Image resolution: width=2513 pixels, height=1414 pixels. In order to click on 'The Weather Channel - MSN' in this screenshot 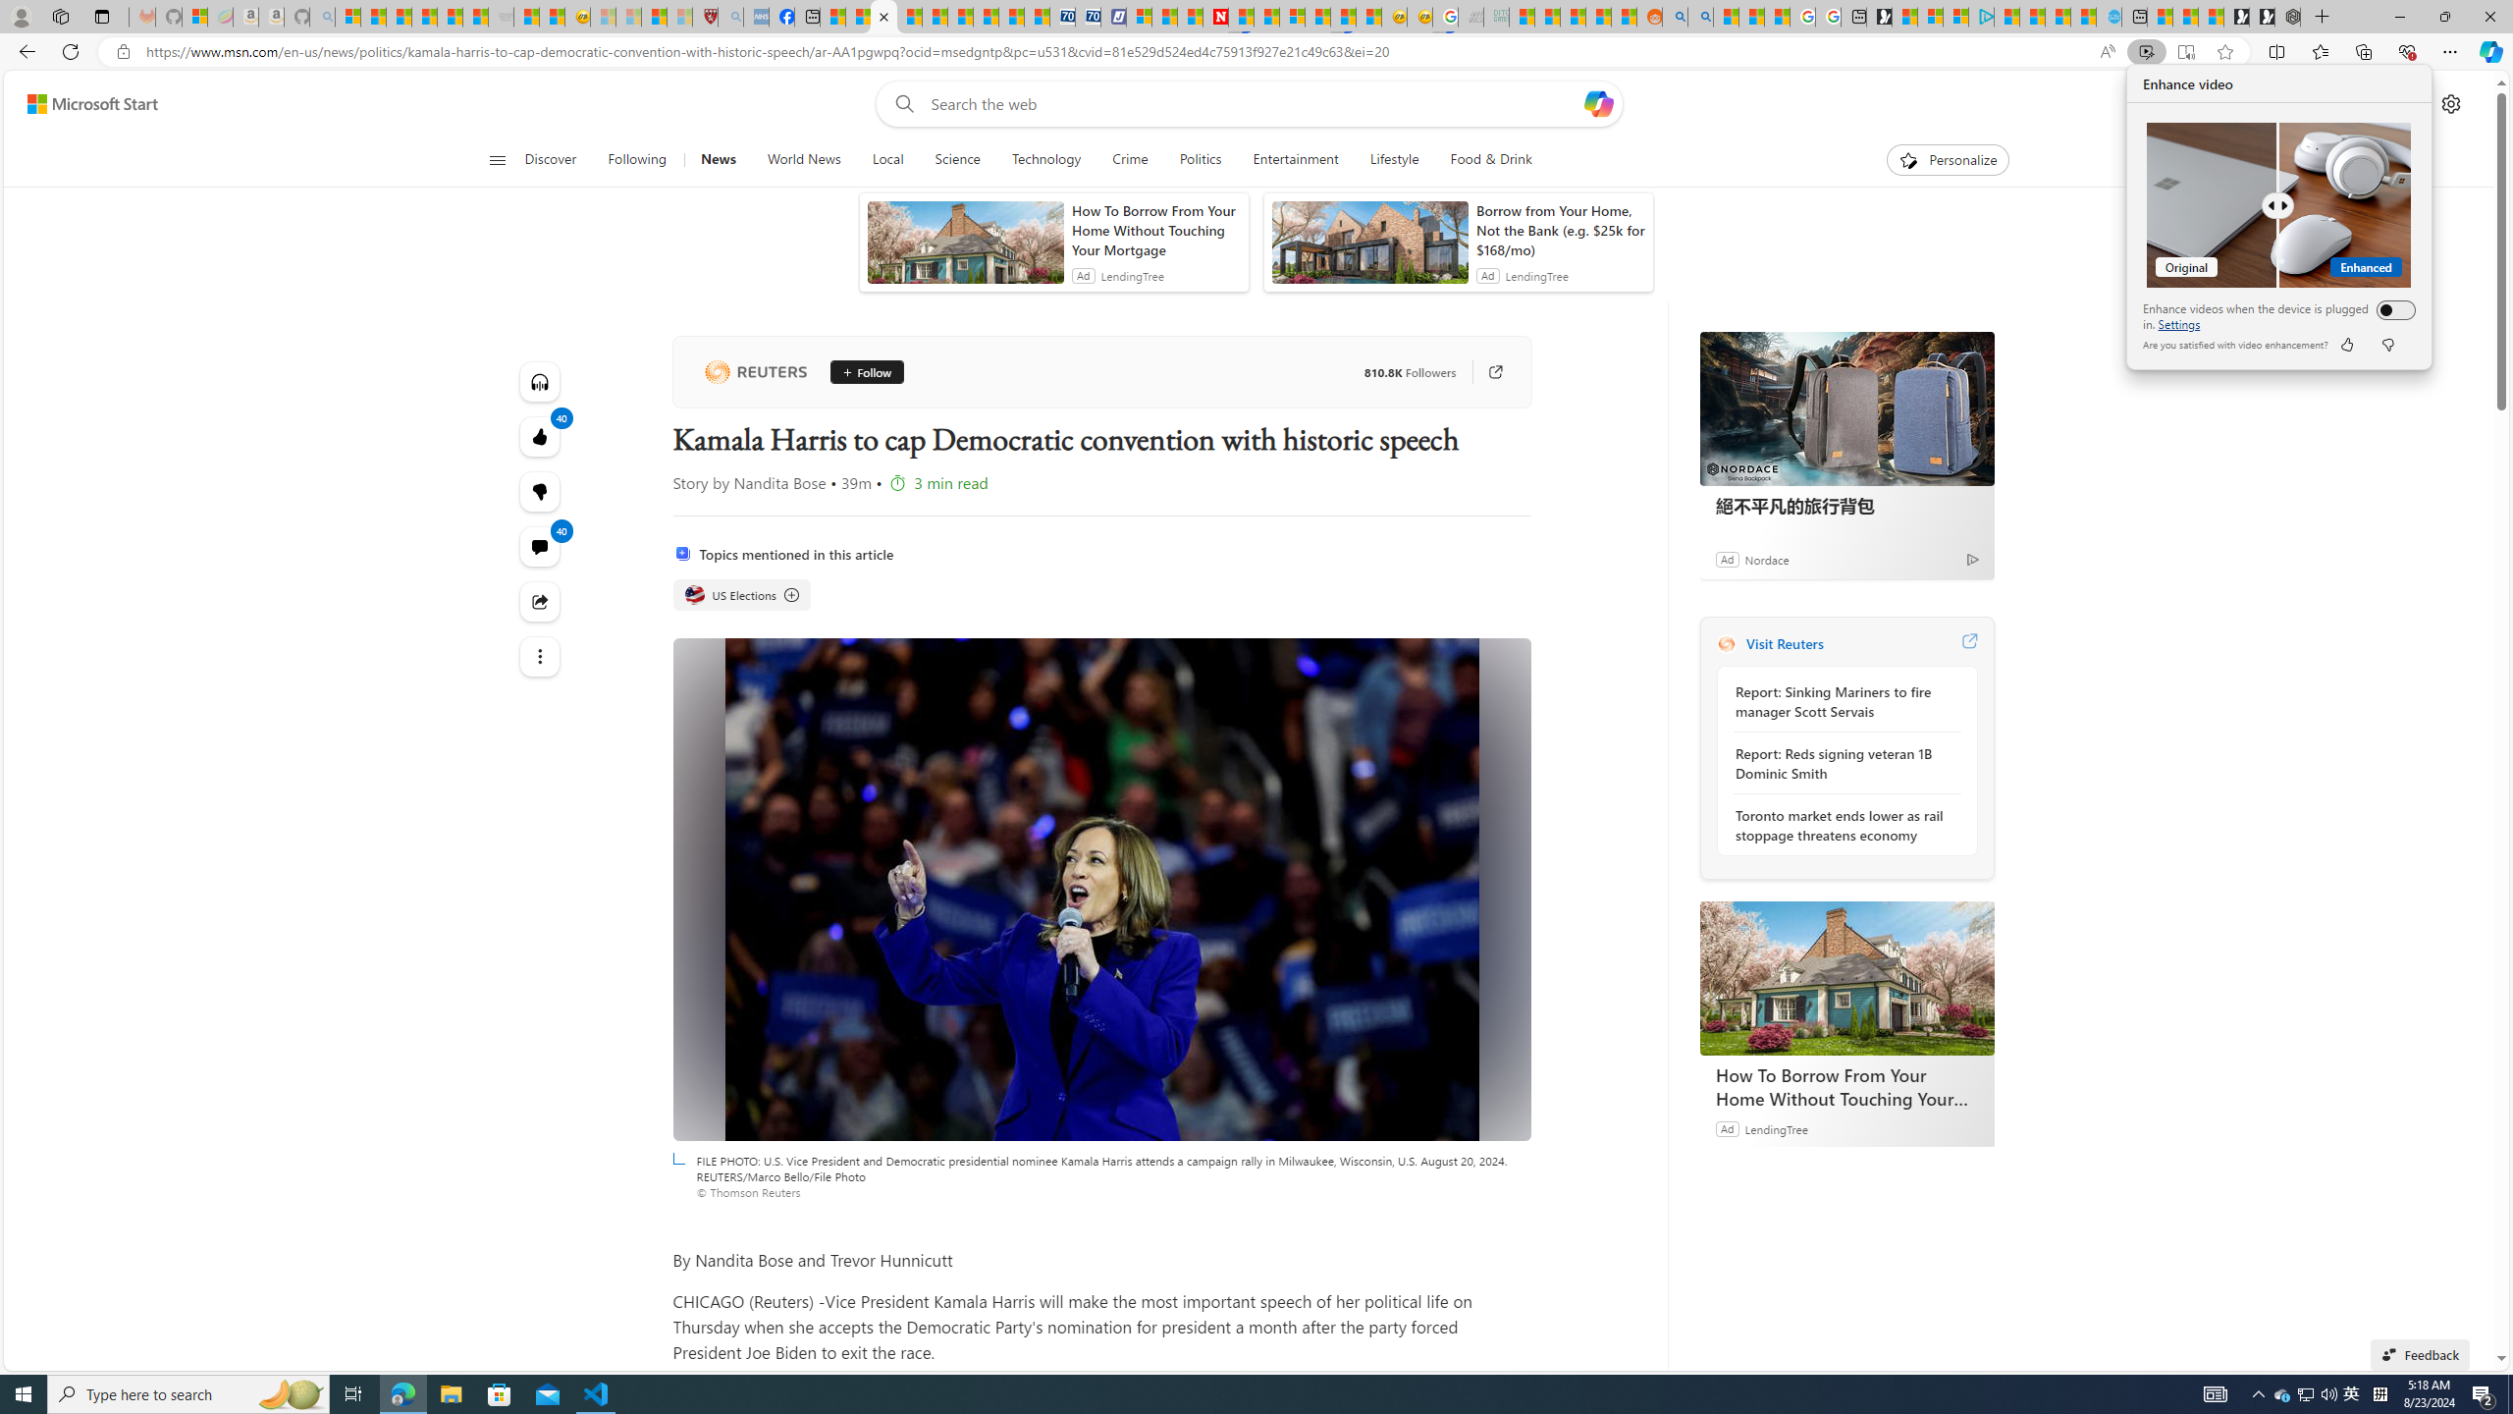, I will do `click(397, 16)`.